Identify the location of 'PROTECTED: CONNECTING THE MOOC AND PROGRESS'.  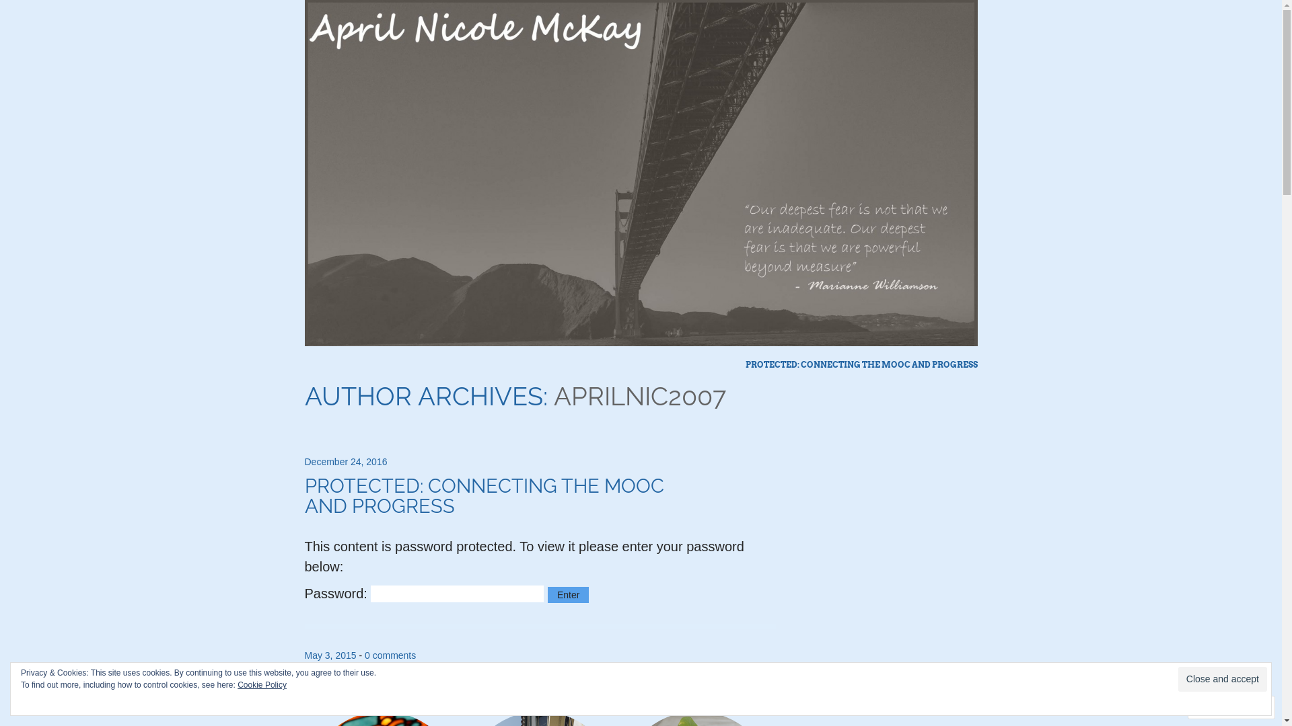
(861, 365).